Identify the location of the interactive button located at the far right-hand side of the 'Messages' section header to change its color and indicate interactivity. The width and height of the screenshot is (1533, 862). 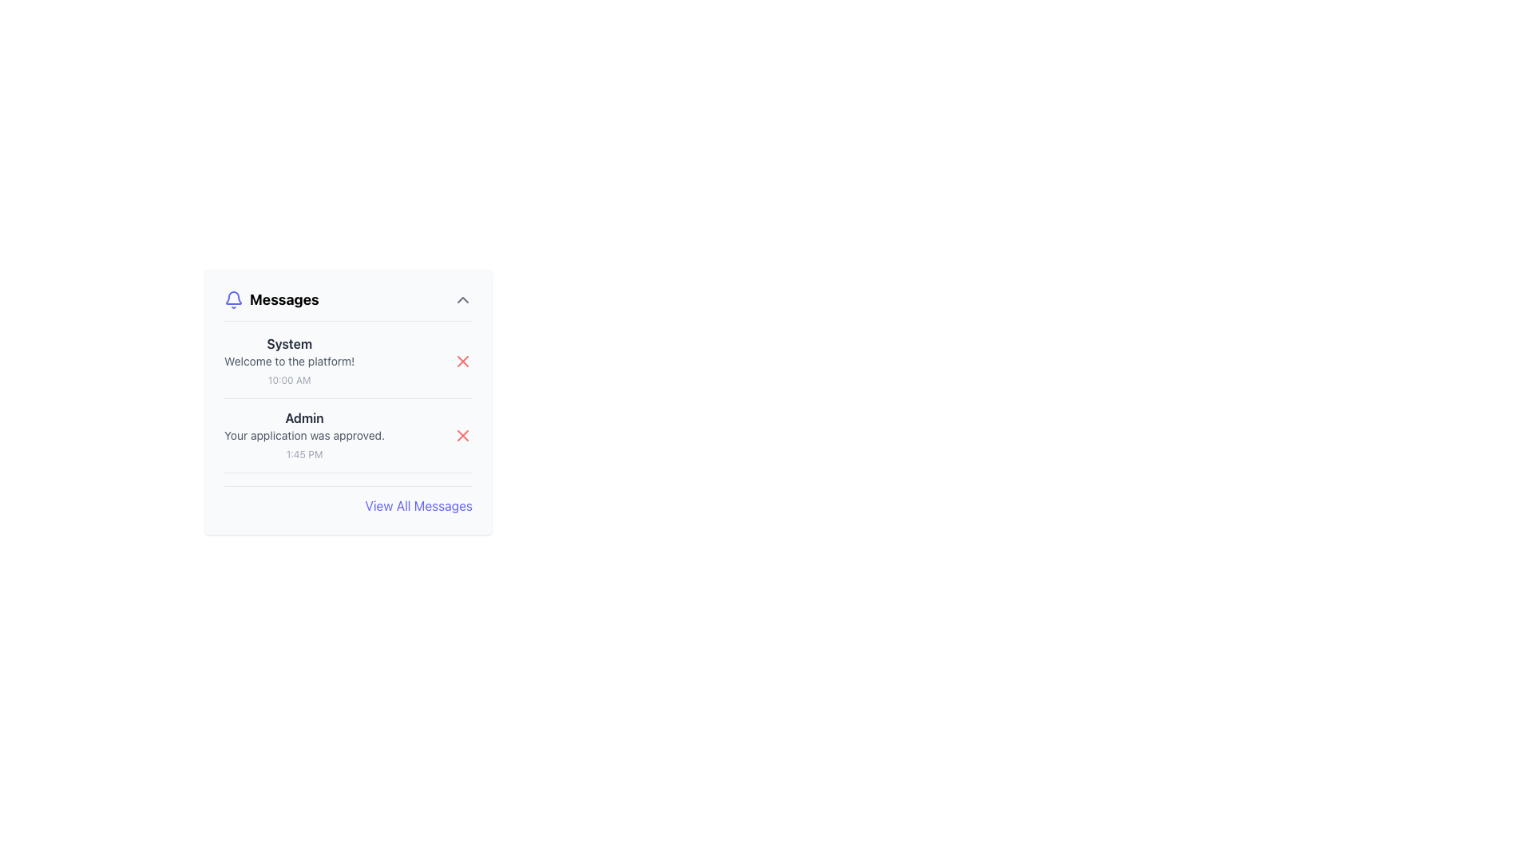
(462, 299).